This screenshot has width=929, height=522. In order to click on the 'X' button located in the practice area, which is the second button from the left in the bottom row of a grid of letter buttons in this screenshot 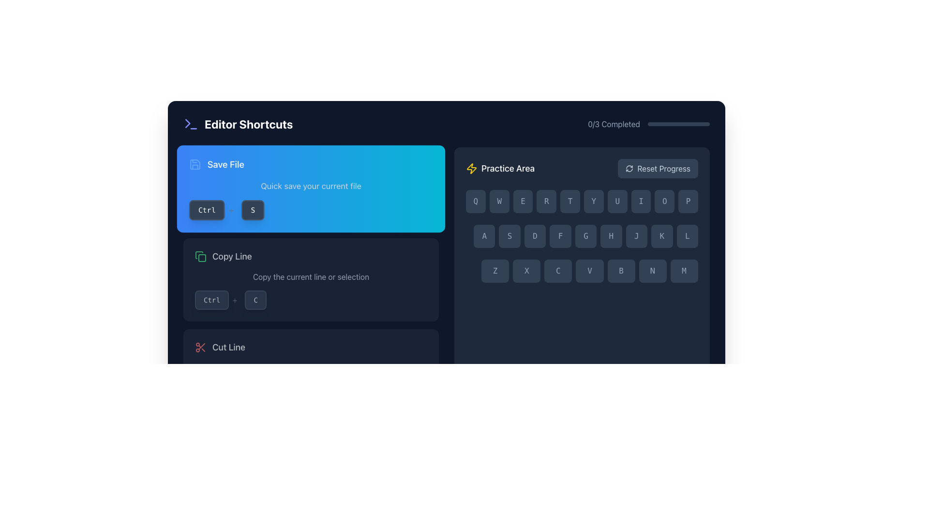, I will do `click(526, 271)`.